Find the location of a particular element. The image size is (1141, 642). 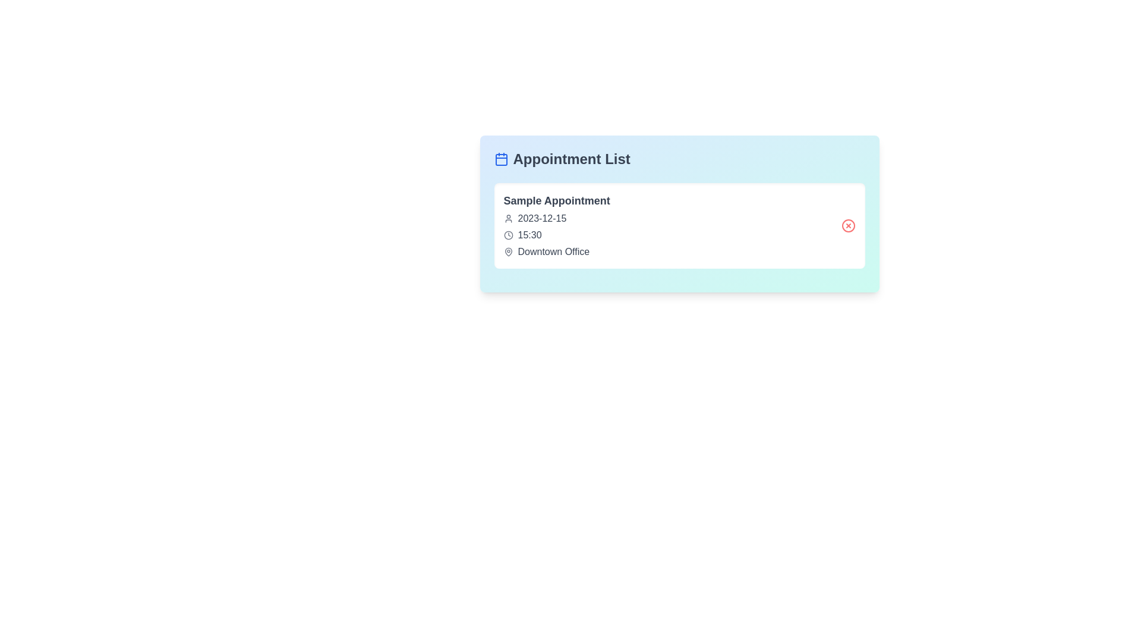

the map pin icon representing the location for 'Downtown Office' in the appointment card is located at coordinates (508, 251).